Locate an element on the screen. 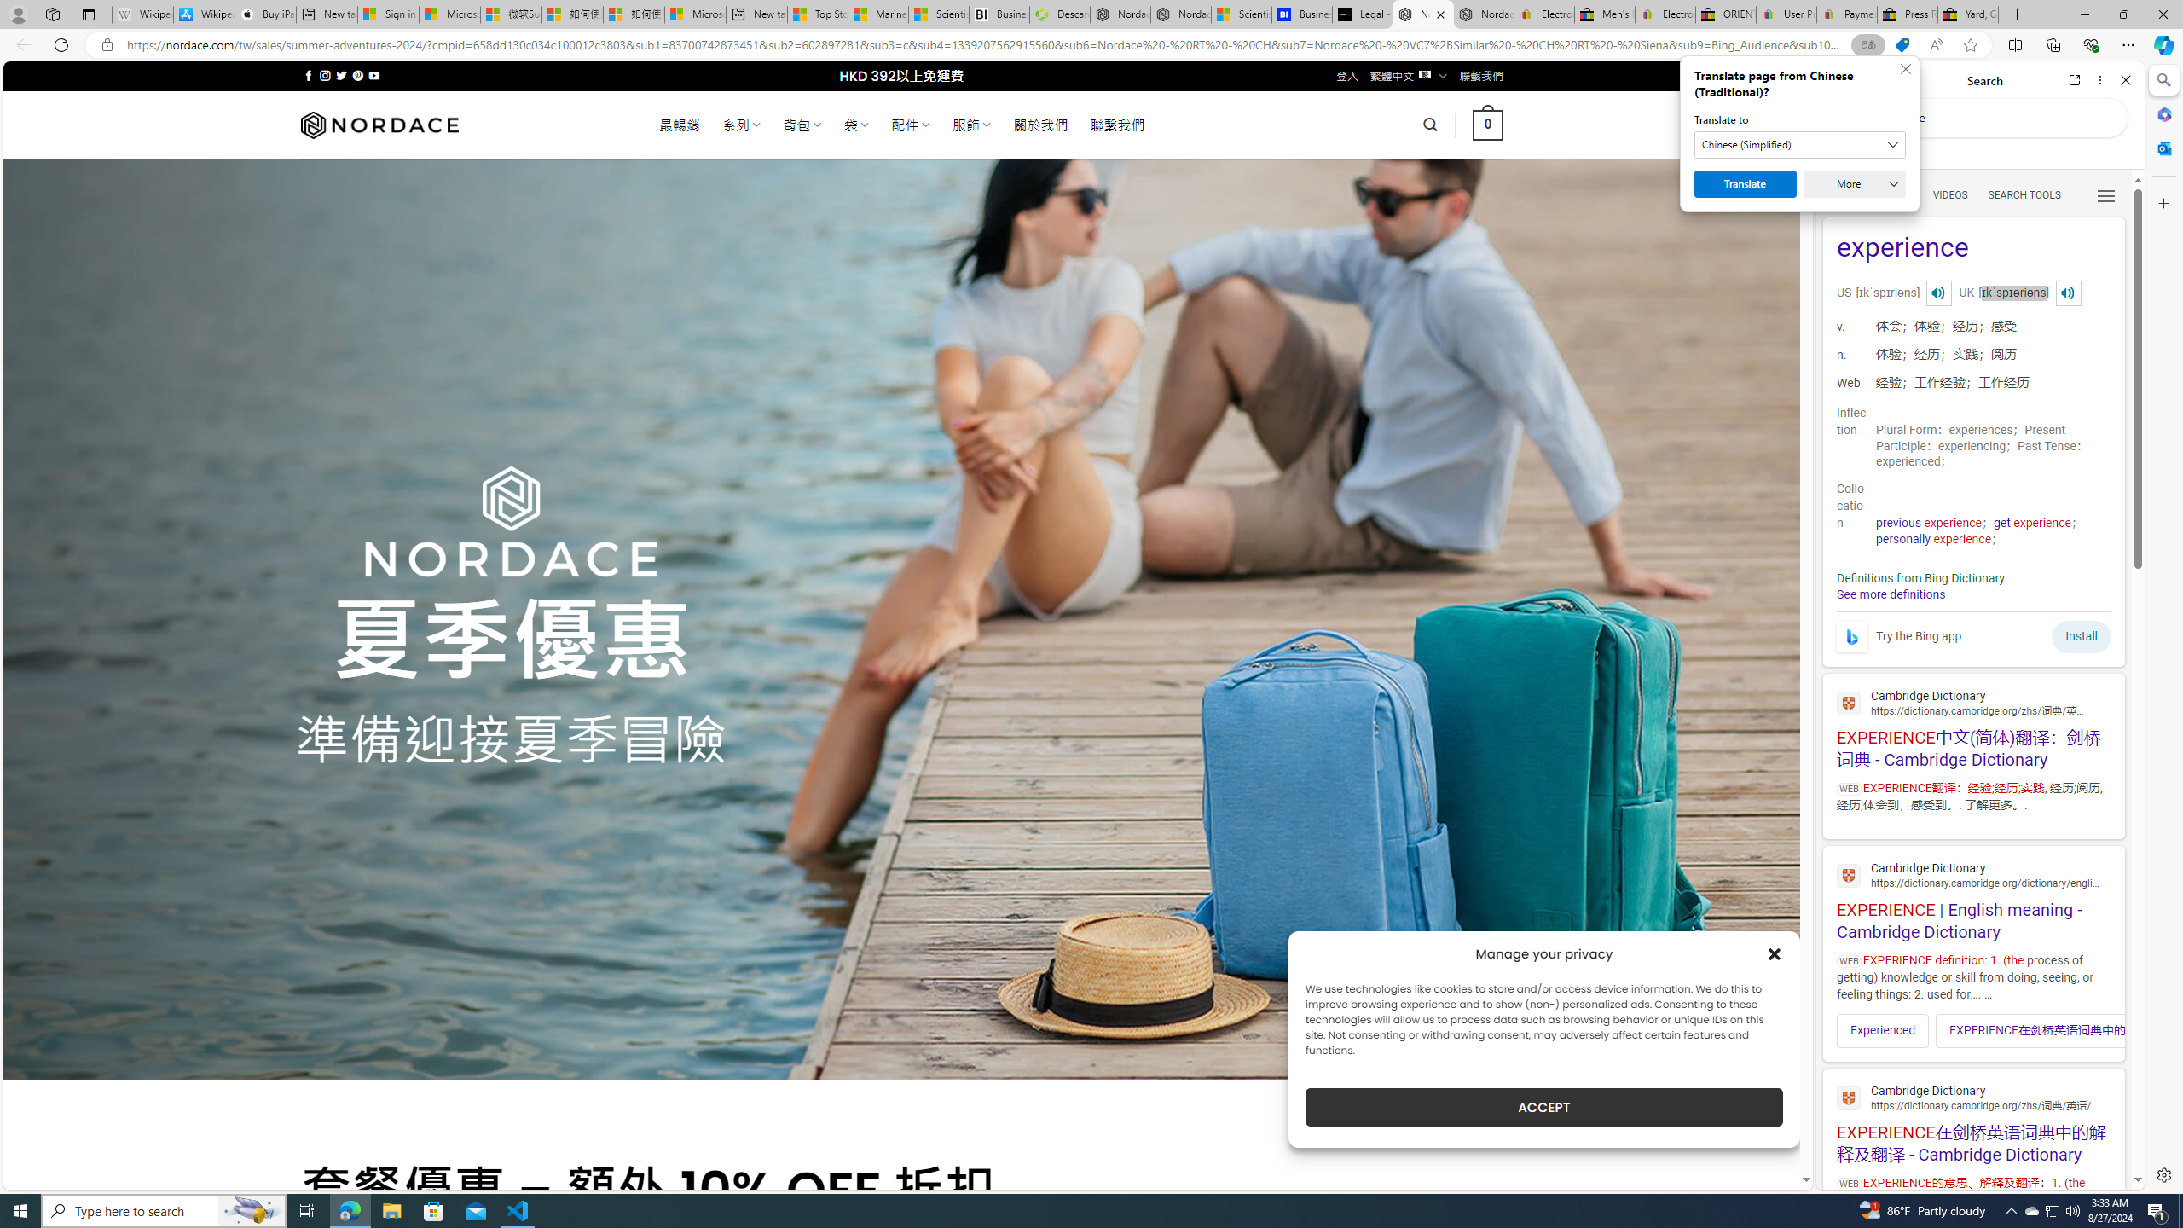 This screenshot has width=2183, height=1228. 'Follow on YouTube' is located at coordinates (374, 75).